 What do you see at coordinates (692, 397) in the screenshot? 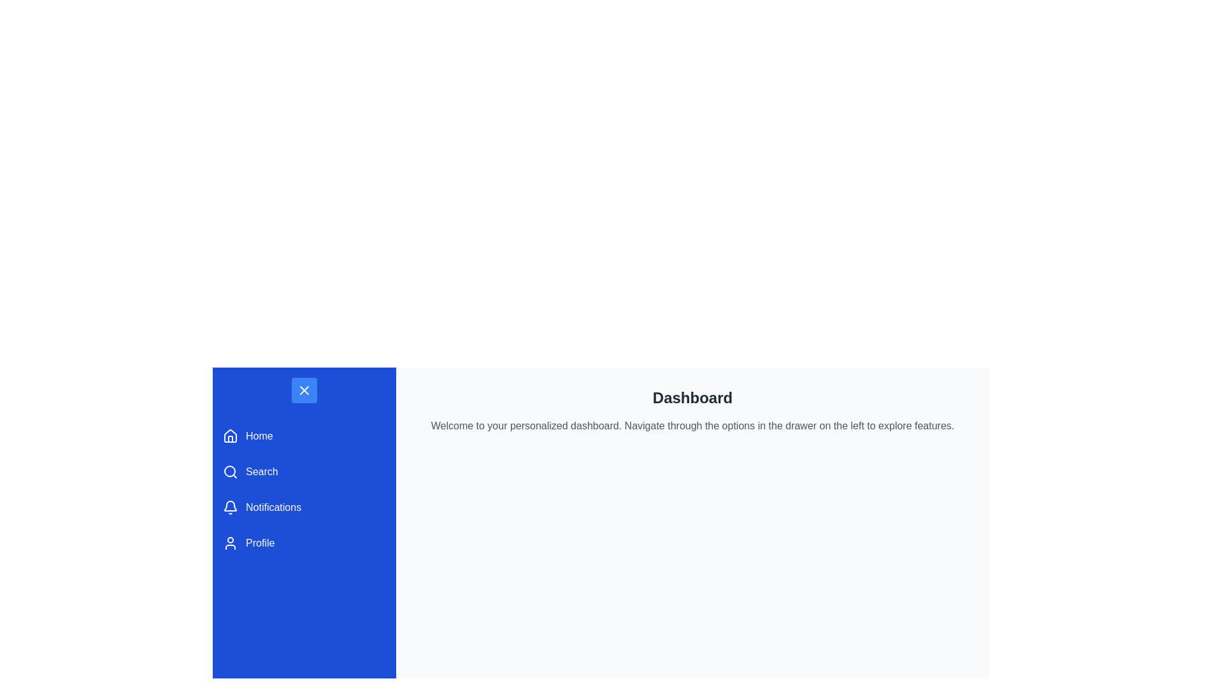
I see `the 'Dashboard' text label` at bounding box center [692, 397].